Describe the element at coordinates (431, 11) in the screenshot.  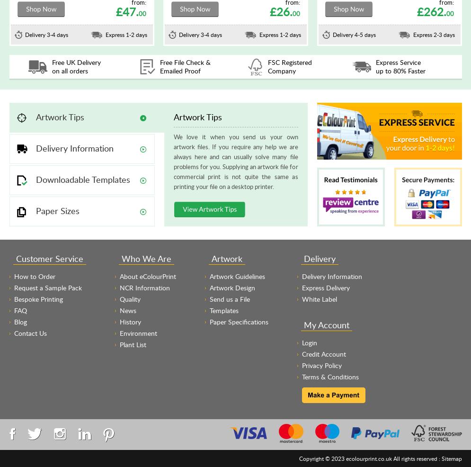
I see `'£262.'` at that location.